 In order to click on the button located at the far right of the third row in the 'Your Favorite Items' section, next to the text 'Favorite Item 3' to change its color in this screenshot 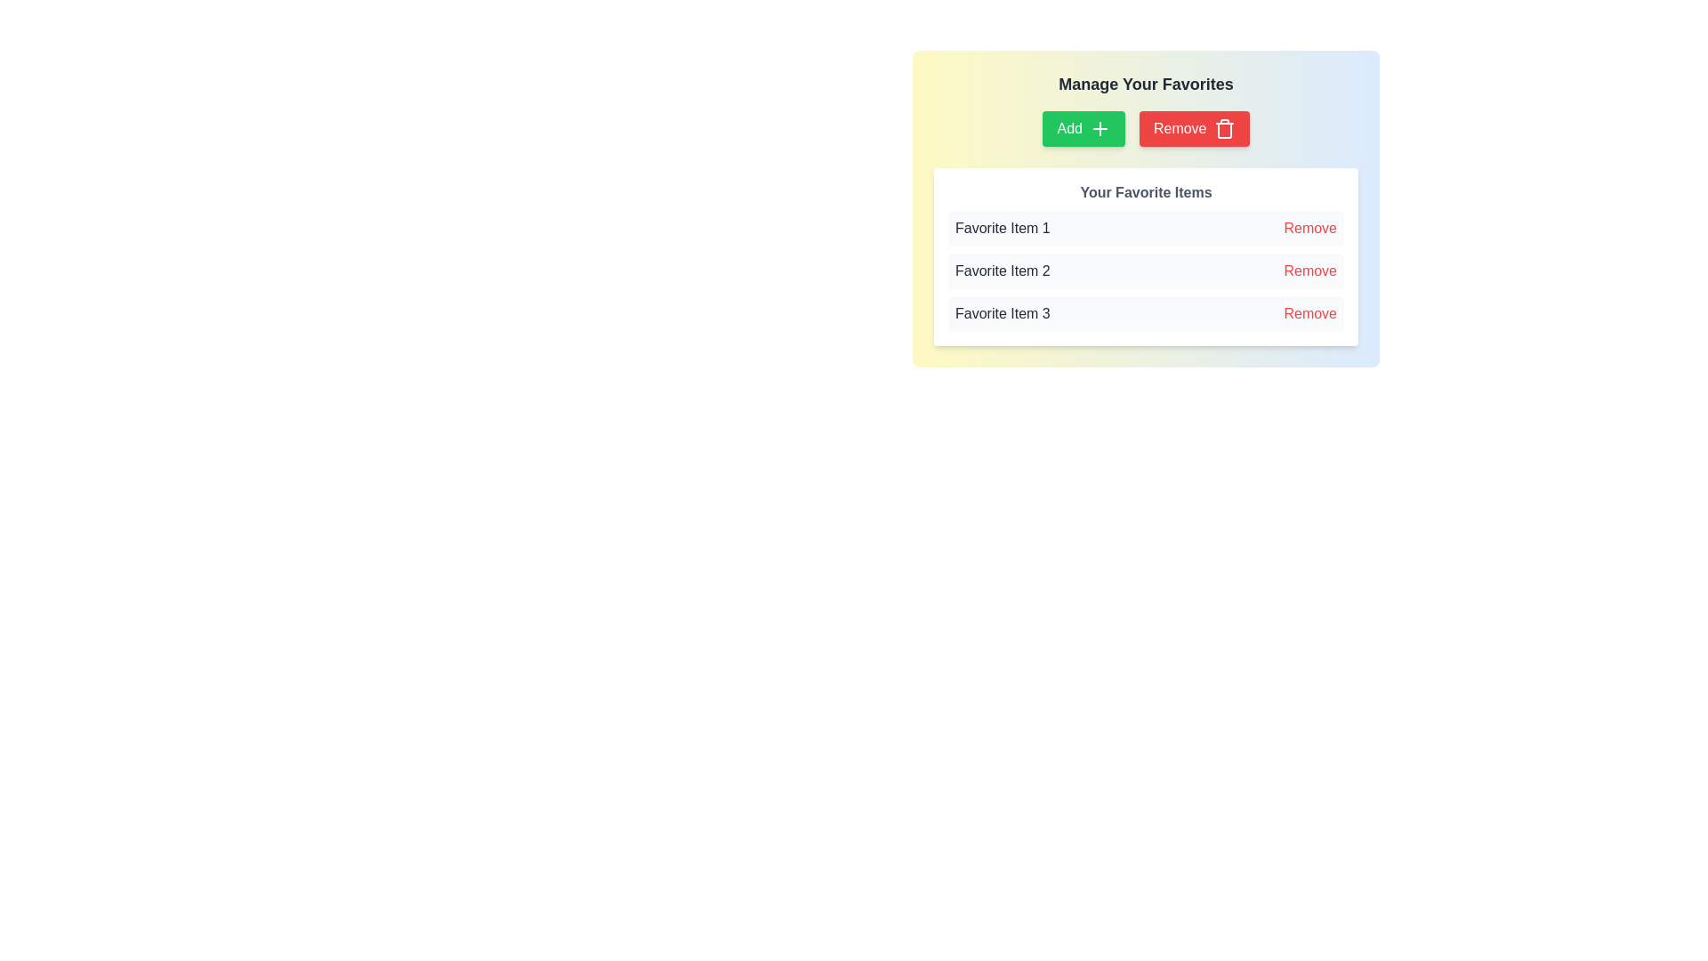, I will do `click(1310, 313)`.